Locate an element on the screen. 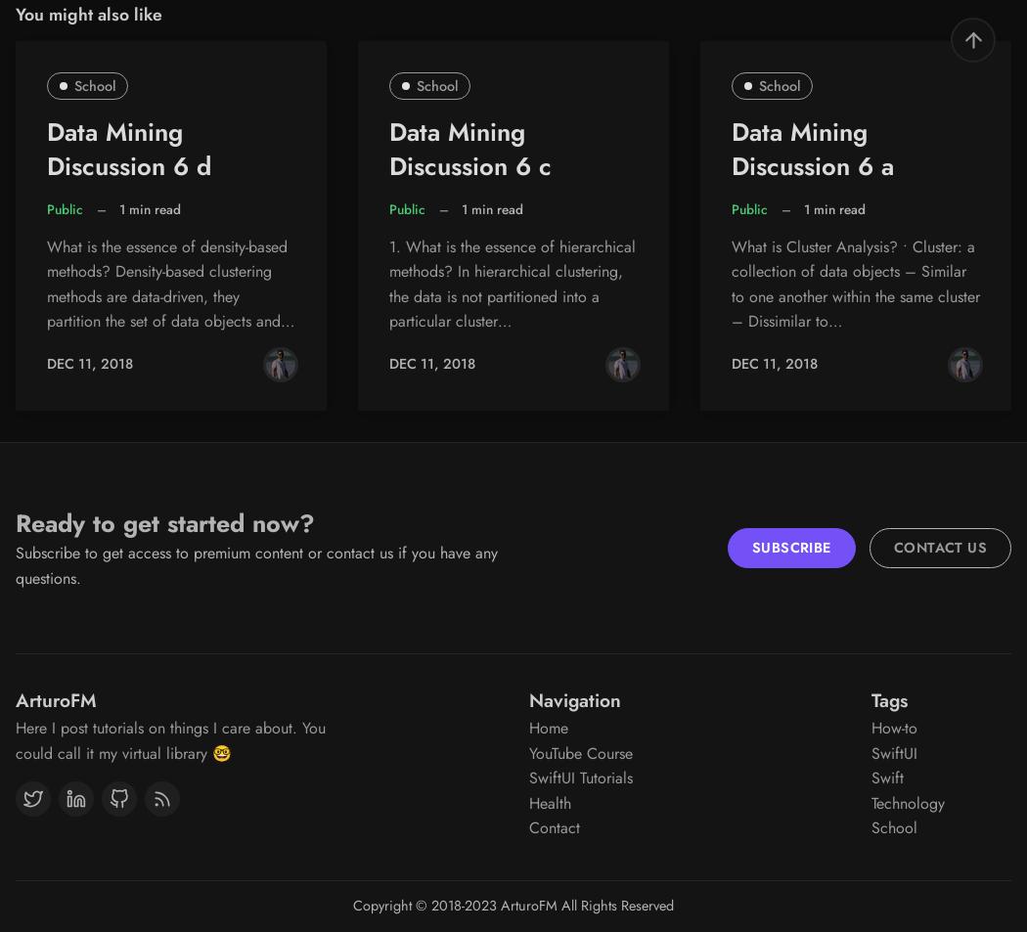 The width and height of the screenshot is (1027, 932). 'Subscribe to get access to premium content or contact us if you have any questions.' is located at coordinates (256, 564).